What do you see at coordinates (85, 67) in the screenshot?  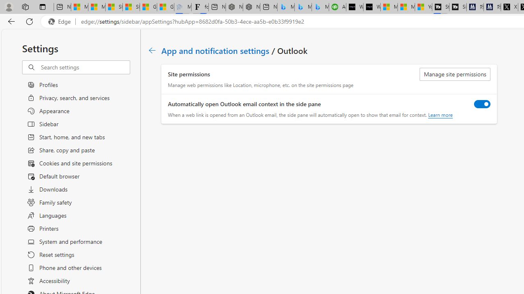 I see `'Search settings'` at bounding box center [85, 67].